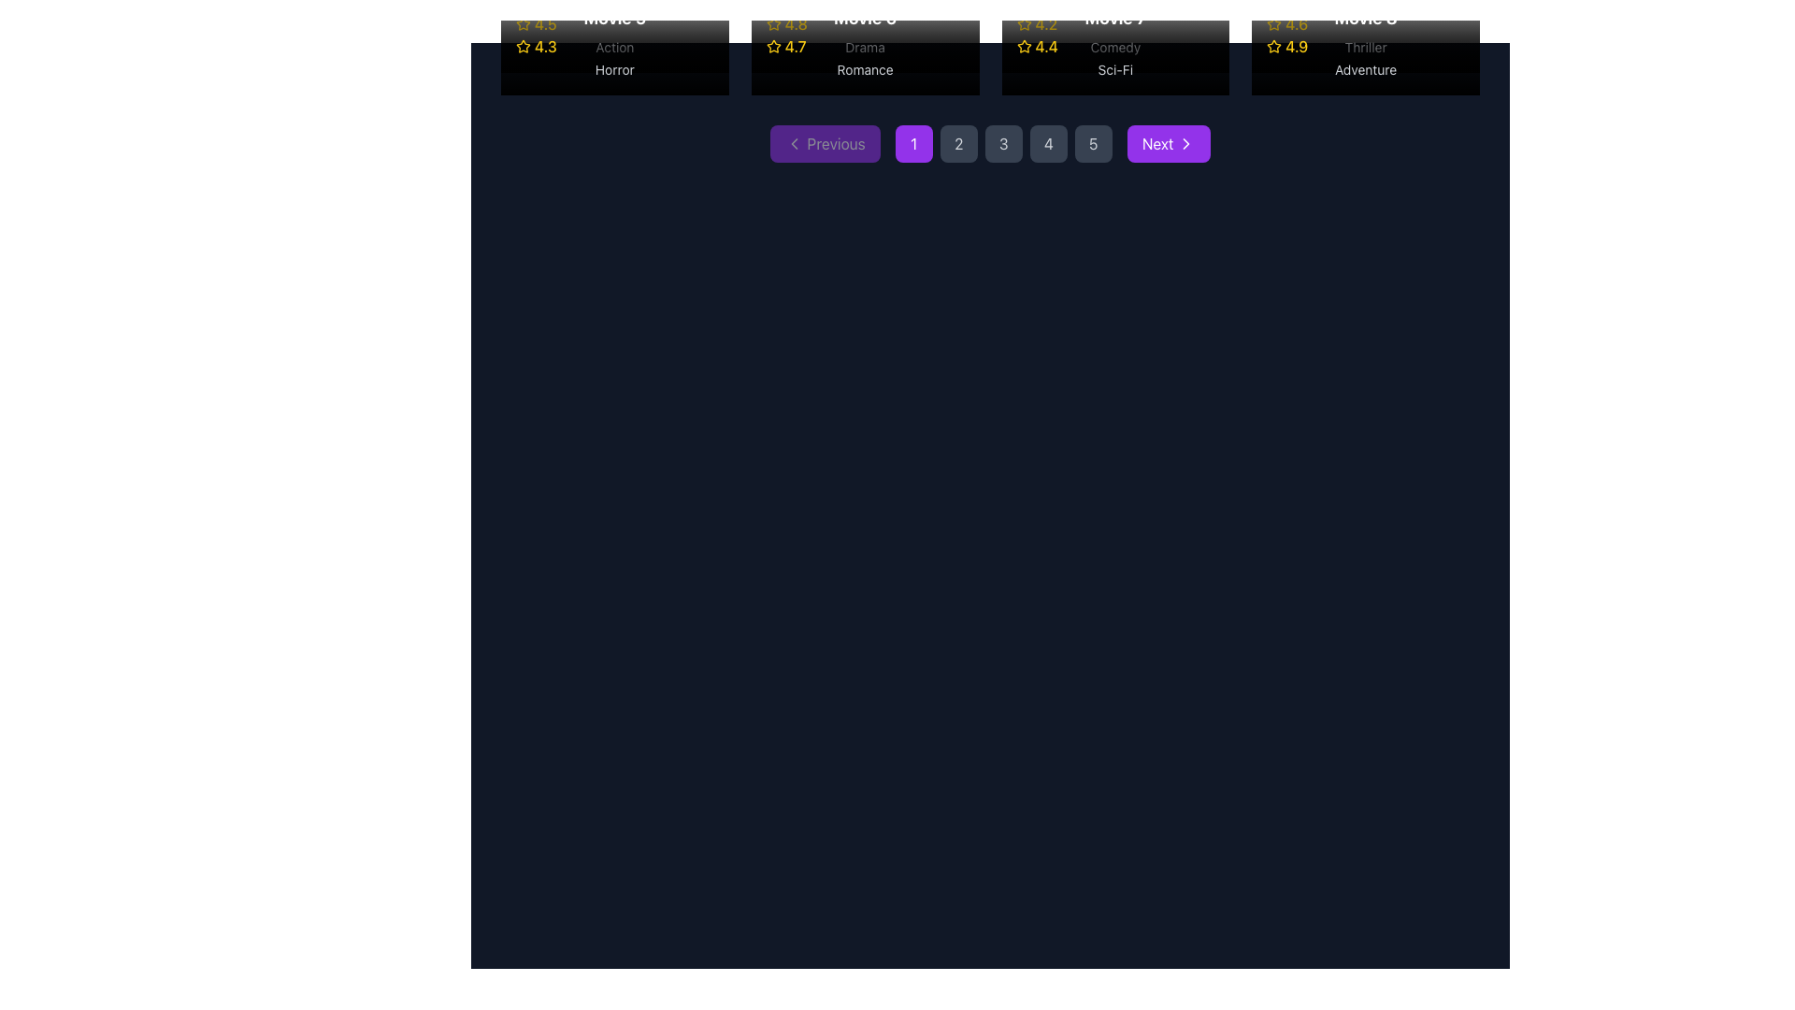  Describe the element at coordinates (1366, 24) in the screenshot. I see `the rating indicator displaying a yellow star icon and the text '4.6' located beneath the title 'Movie 4'` at that location.